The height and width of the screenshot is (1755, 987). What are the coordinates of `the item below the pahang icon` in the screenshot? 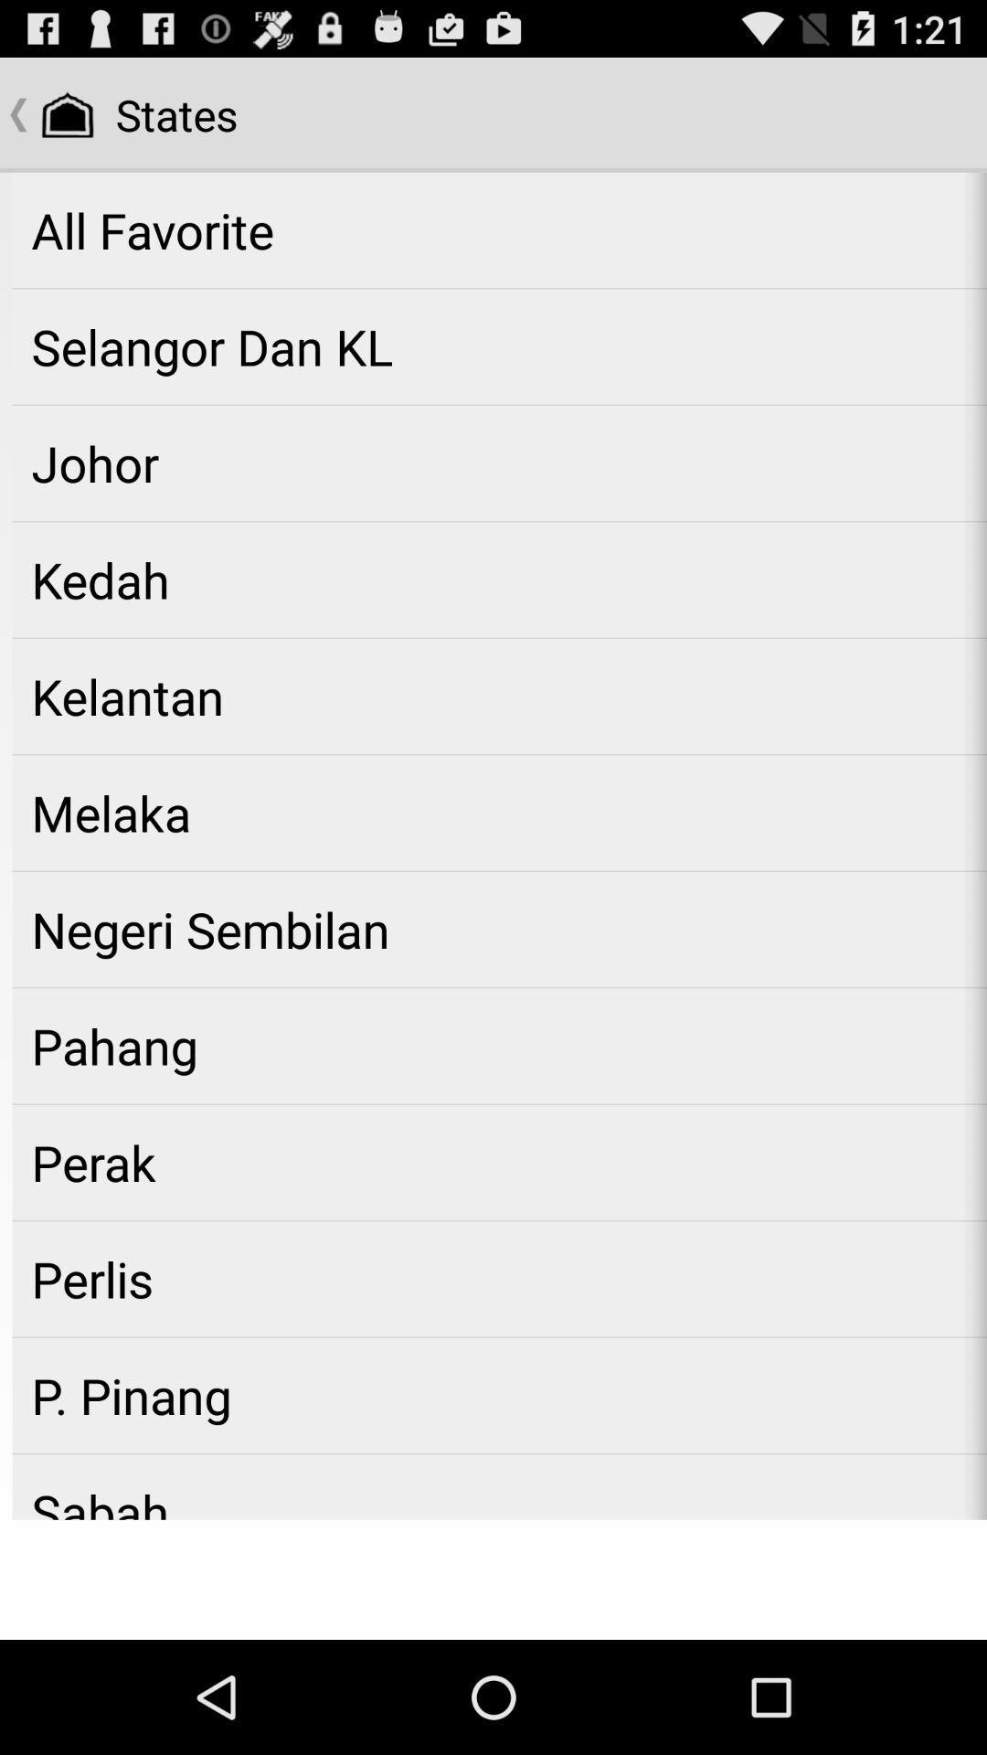 It's located at (499, 1162).